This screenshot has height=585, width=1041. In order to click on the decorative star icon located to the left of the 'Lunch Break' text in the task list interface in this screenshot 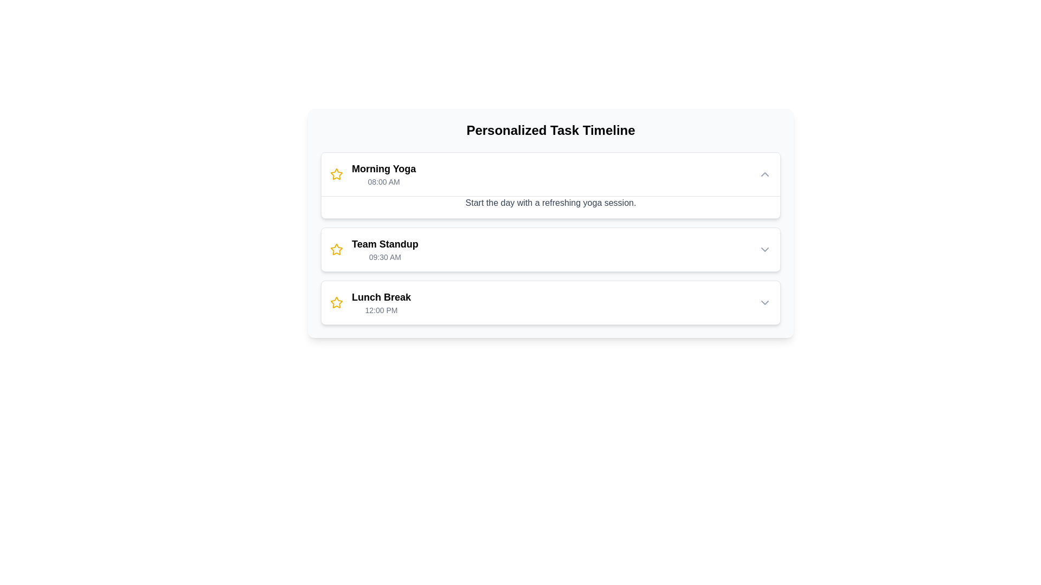, I will do `click(336, 303)`.